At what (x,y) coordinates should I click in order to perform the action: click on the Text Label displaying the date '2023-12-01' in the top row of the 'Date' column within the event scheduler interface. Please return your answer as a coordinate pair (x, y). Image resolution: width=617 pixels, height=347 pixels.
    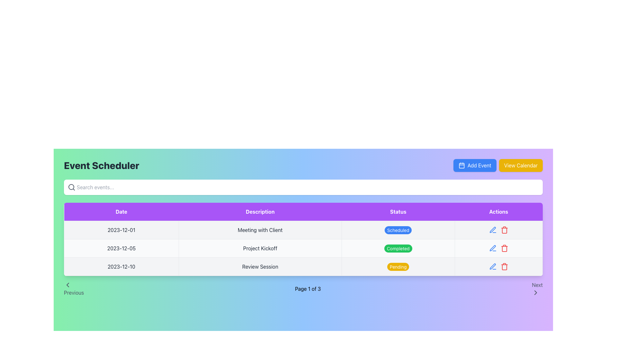
    Looking at the image, I should click on (121, 230).